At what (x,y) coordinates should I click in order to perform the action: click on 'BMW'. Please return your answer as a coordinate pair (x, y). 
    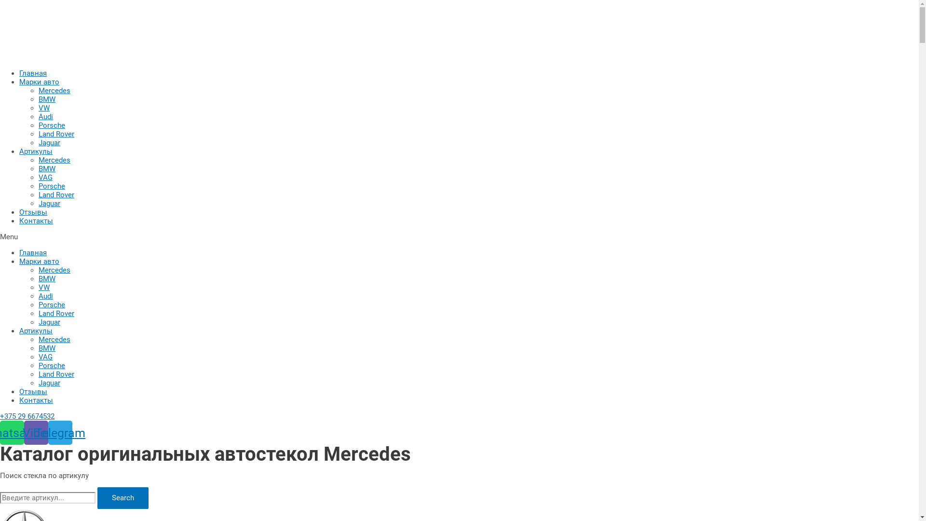
    Looking at the image, I should click on (46, 168).